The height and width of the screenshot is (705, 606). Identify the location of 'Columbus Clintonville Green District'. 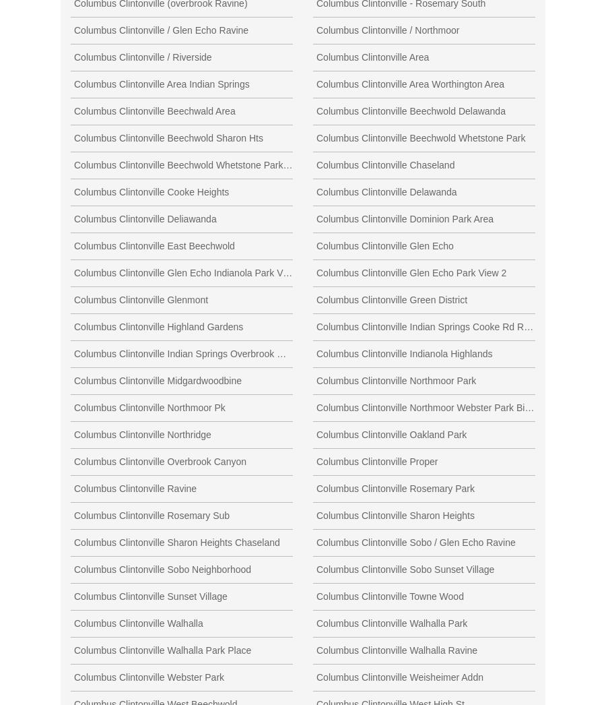
(392, 299).